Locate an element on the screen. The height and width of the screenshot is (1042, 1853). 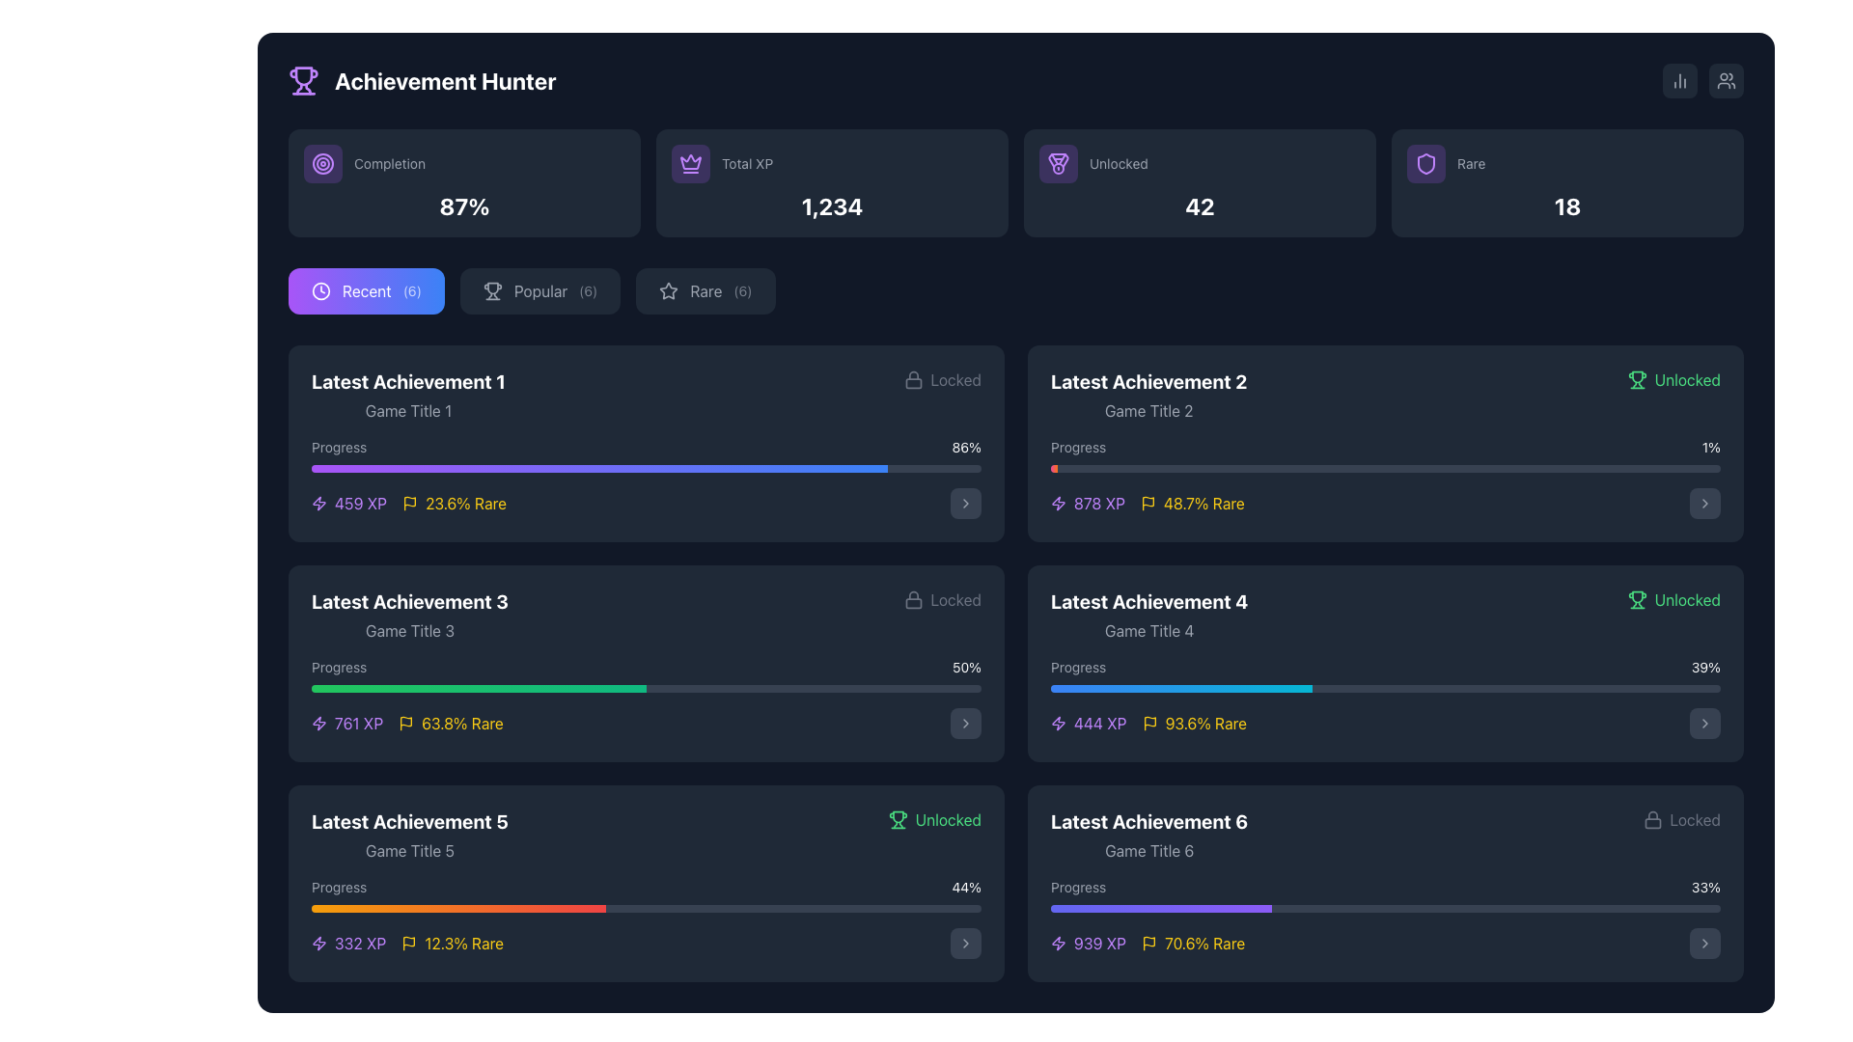
the experience points indicator text located in the 'Latest Achievement 4' section, positioned below the progress bar and to the left of '93.6% Rare' is located at coordinates (1089, 723).